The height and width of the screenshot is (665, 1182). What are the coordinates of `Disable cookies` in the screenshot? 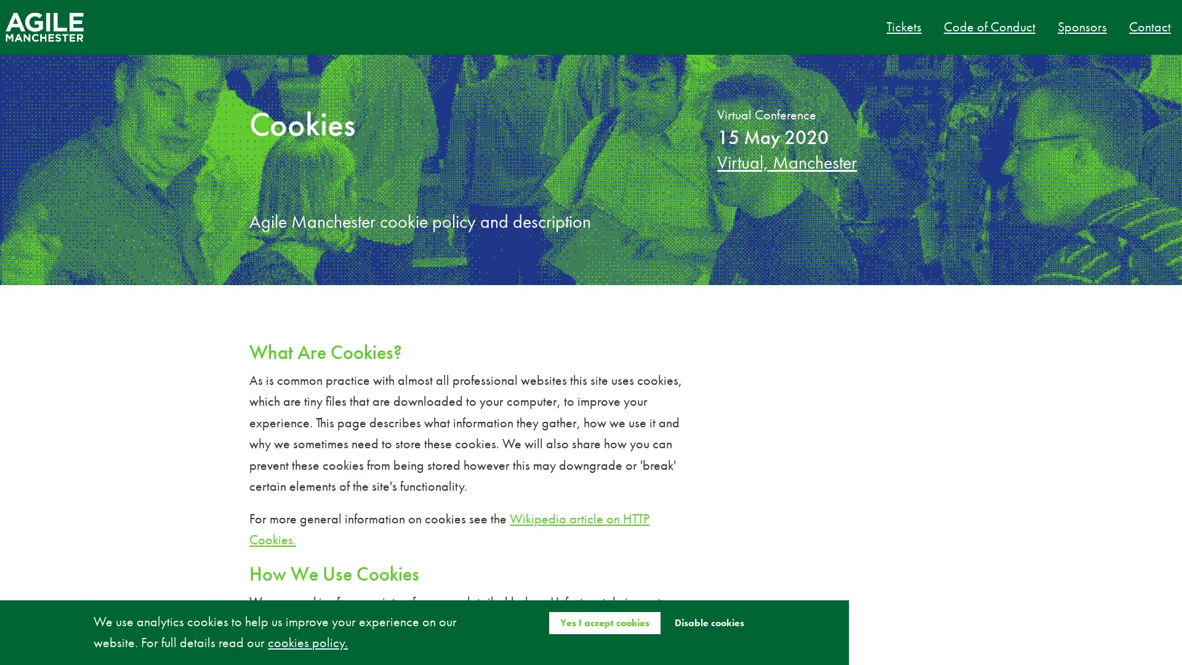 It's located at (709, 622).